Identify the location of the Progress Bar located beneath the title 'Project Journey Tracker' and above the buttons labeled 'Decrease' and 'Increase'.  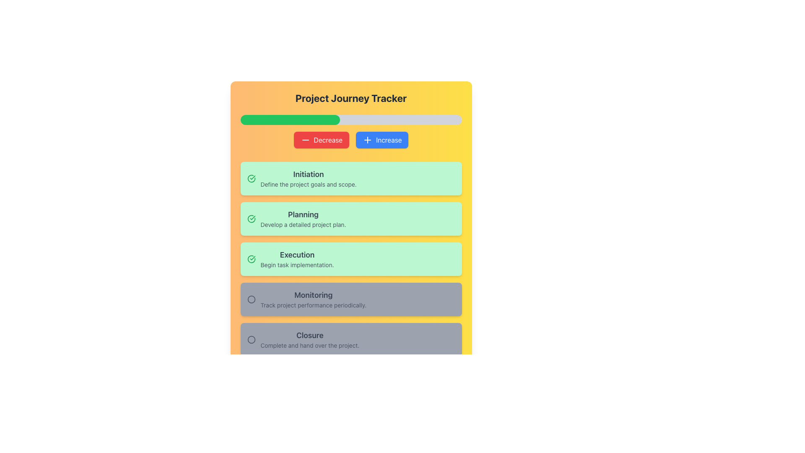
(351, 120).